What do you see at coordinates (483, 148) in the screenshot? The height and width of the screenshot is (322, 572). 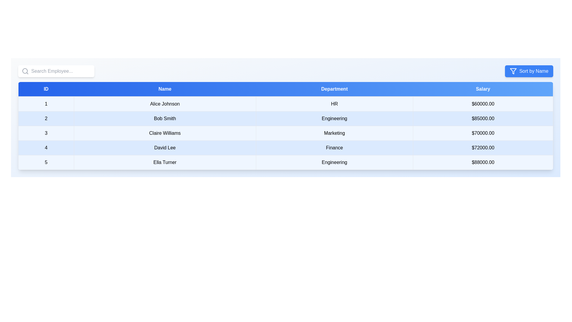 I see `the static text cell displaying the salary amount for 'David Lee' in the fourth column of the table` at bounding box center [483, 148].